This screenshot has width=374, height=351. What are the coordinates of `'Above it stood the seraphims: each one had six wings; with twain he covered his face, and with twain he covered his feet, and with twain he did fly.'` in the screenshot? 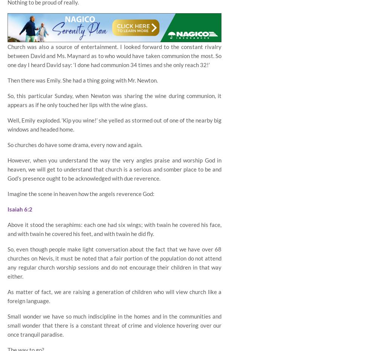 It's located at (7, 229).